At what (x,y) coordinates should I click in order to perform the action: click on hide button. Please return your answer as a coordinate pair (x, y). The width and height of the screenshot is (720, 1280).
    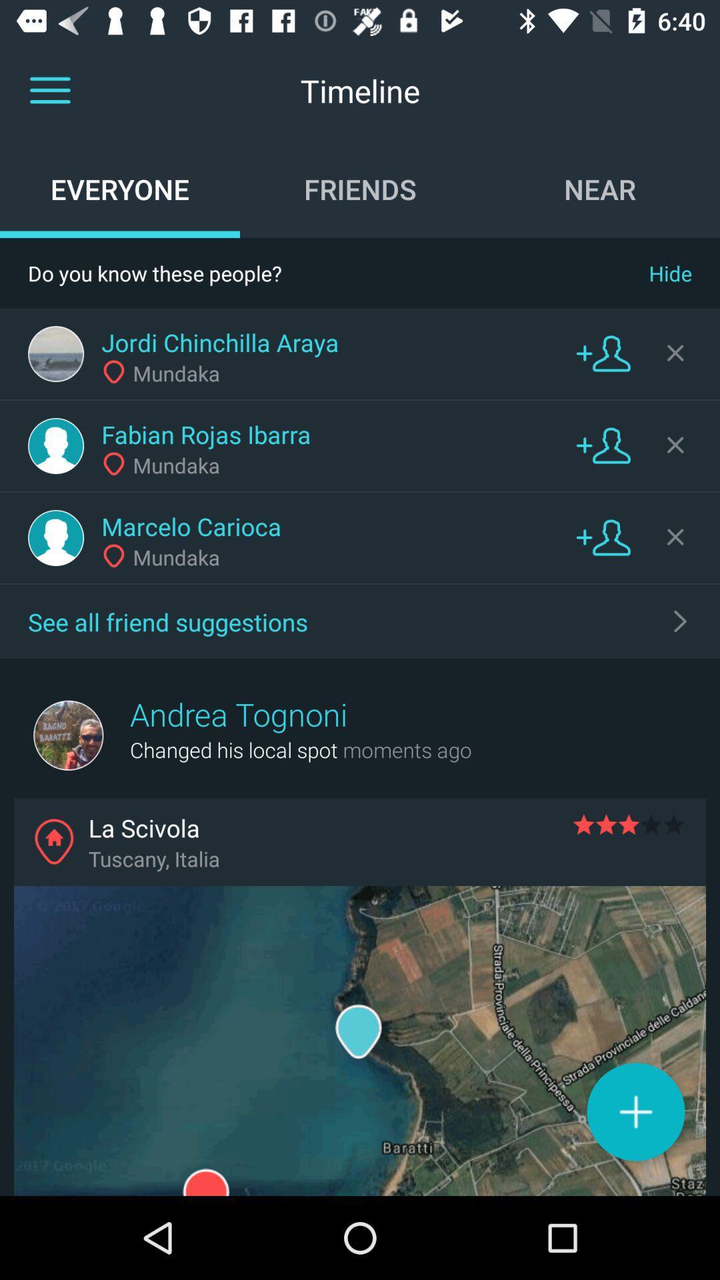
    Looking at the image, I should click on (675, 353).